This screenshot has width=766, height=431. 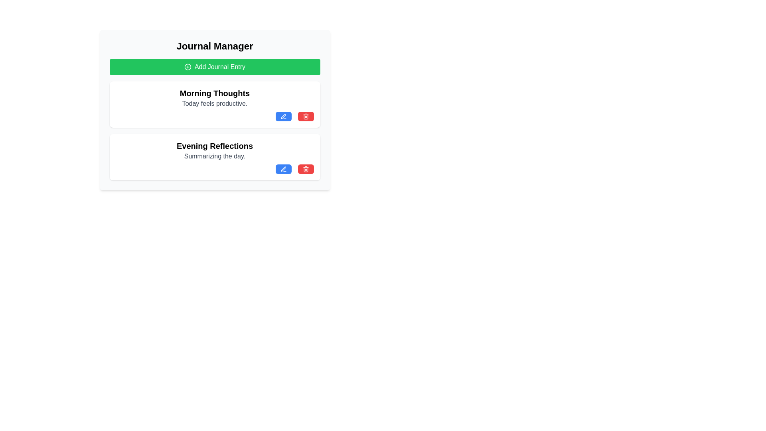 I want to click on the header text 'Journal Manager', which is a large, bold title centered at the top of the Journal Manager interface, above the green 'Add Journal Entry' button, so click(x=215, y=46).